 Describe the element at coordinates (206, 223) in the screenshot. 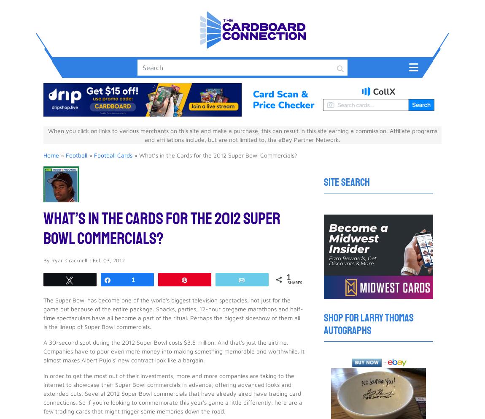

I see `'1989 Pro Set #486 Deion Sanders MGS GRADED 10 Gem Mint Rookie Card RC Falcons CB'` at that location.